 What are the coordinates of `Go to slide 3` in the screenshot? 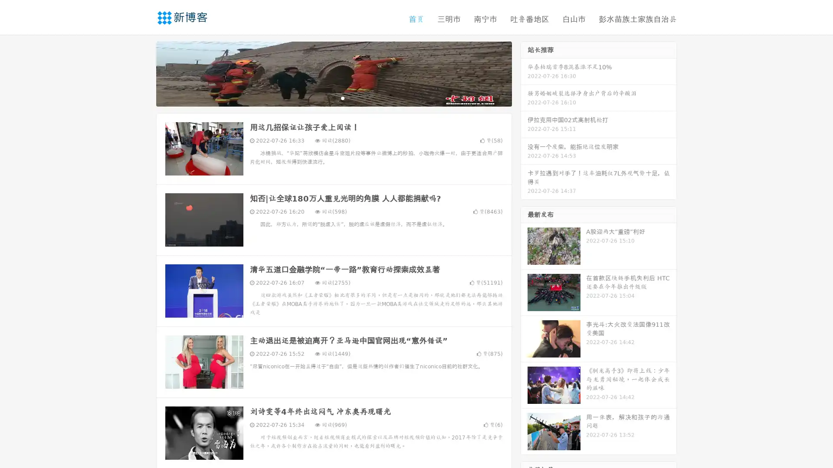 It's located at (342, 97).